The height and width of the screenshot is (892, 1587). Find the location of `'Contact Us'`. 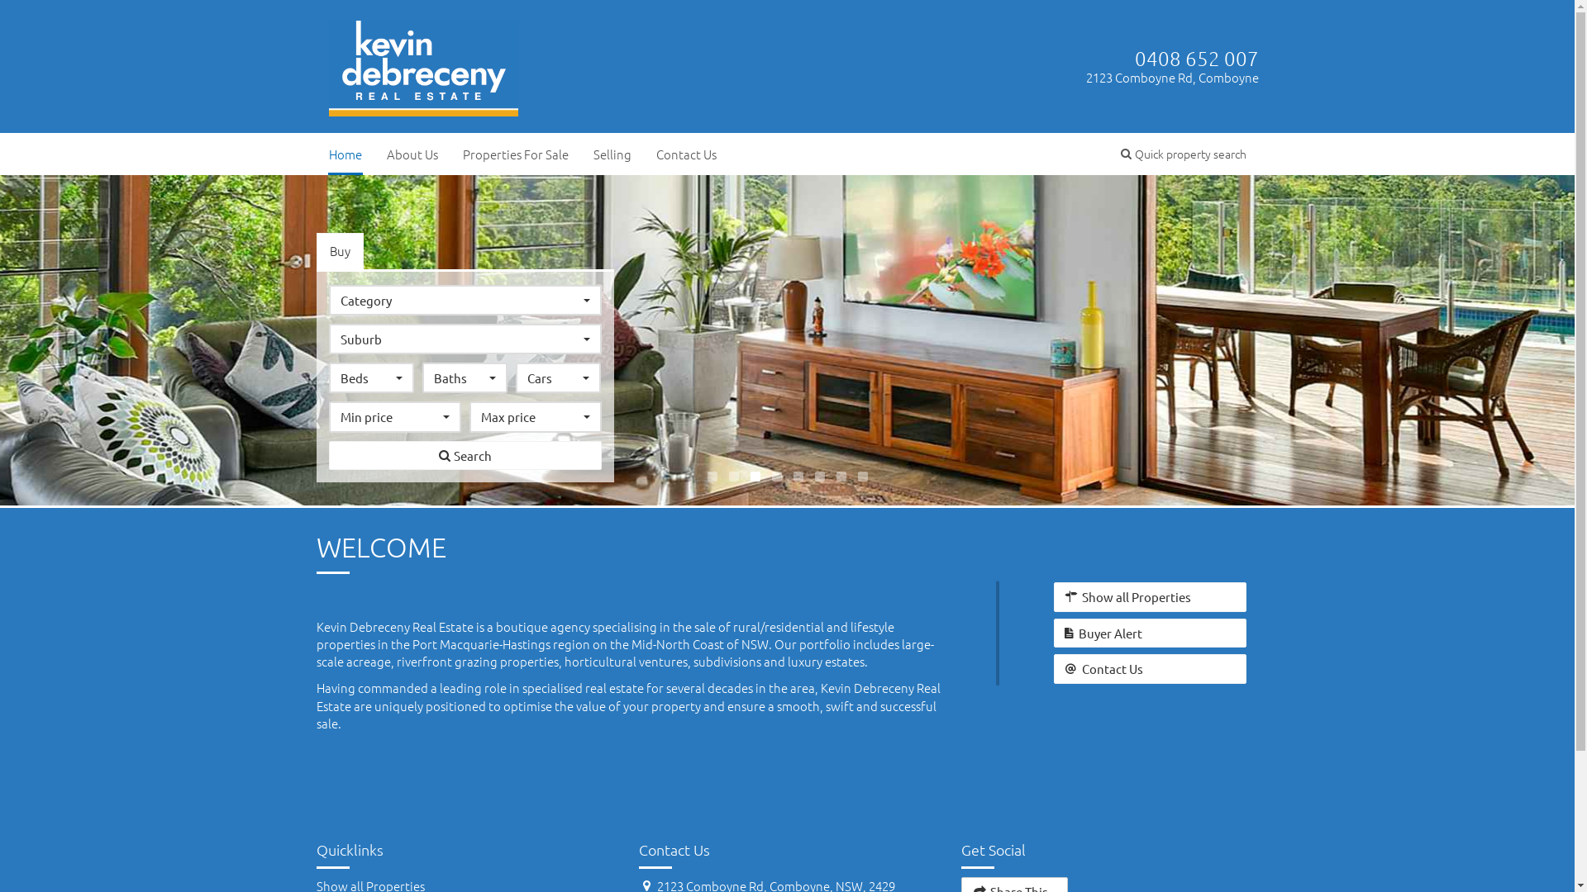

'Contact Us' is located at coordinates (1149, 667).